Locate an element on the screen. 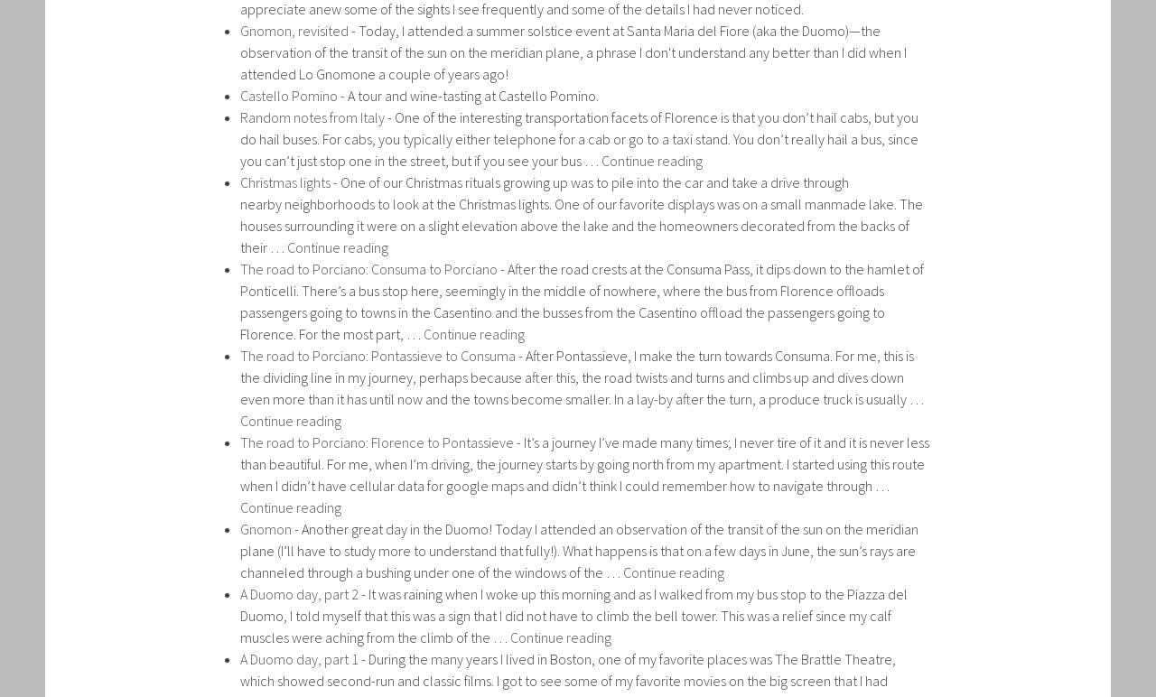 This screenshot has height=697, width=1156. 'A Duomo day, part 2' is located at coordinates (299, 592).